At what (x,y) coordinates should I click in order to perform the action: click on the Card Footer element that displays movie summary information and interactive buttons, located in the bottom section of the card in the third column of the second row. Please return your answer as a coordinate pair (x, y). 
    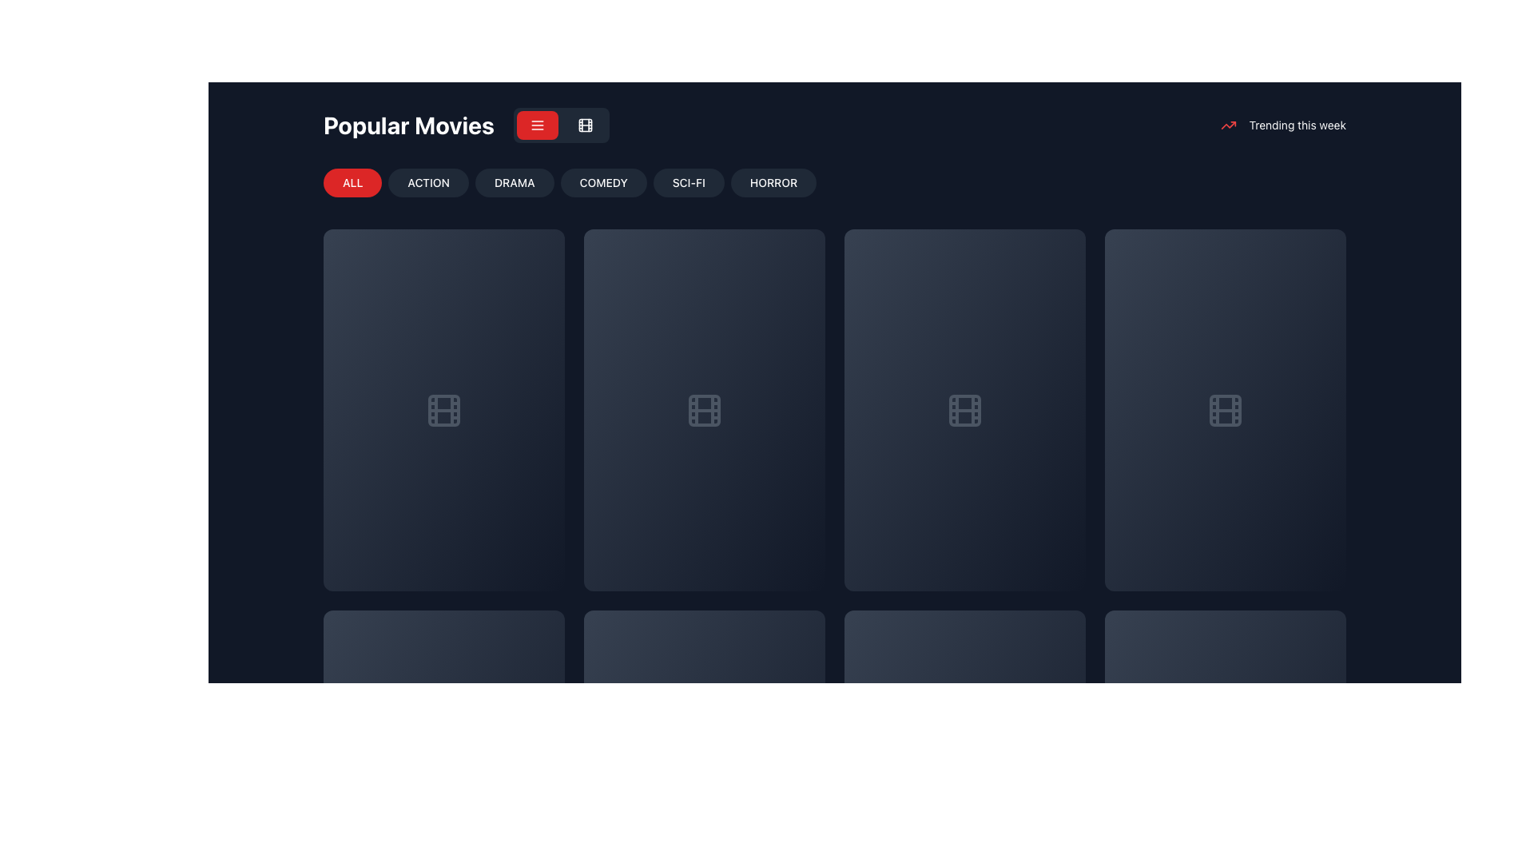
    Looking at the image, I should click on (964, 519).